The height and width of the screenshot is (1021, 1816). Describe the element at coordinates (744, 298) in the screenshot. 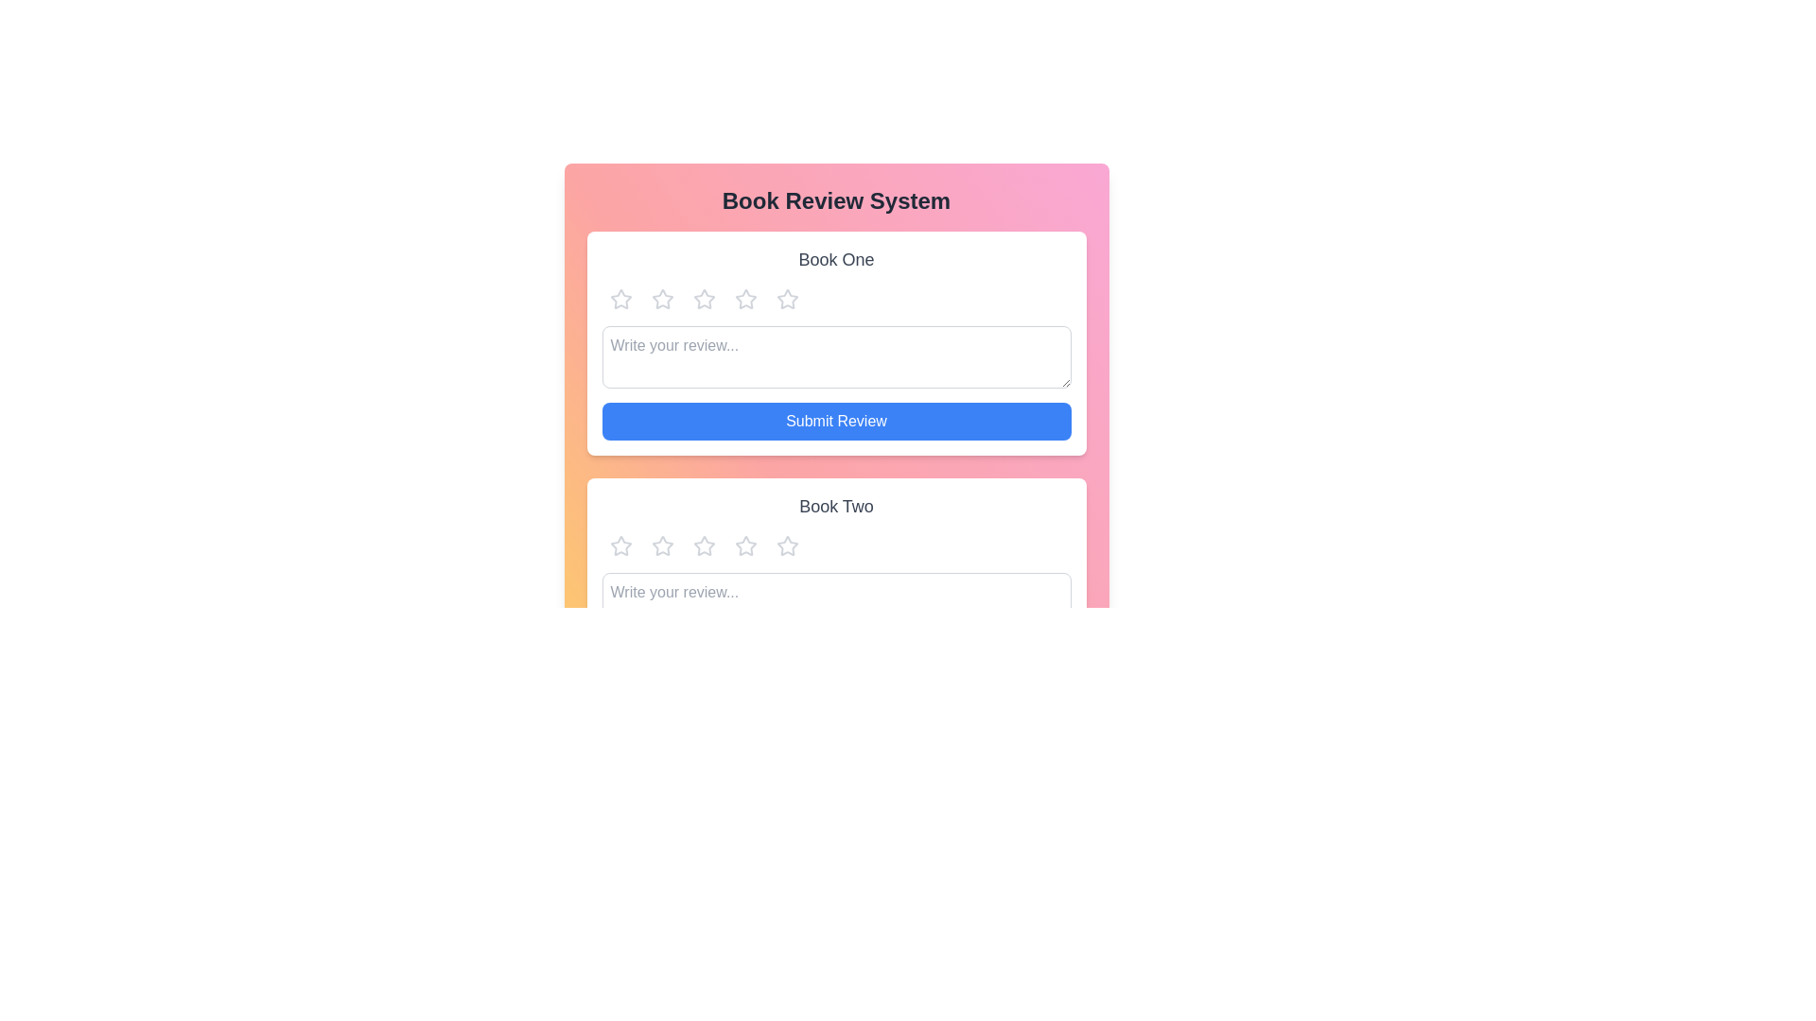

I see `the star corresponding to the desired rating 4 for the first book` at that location.